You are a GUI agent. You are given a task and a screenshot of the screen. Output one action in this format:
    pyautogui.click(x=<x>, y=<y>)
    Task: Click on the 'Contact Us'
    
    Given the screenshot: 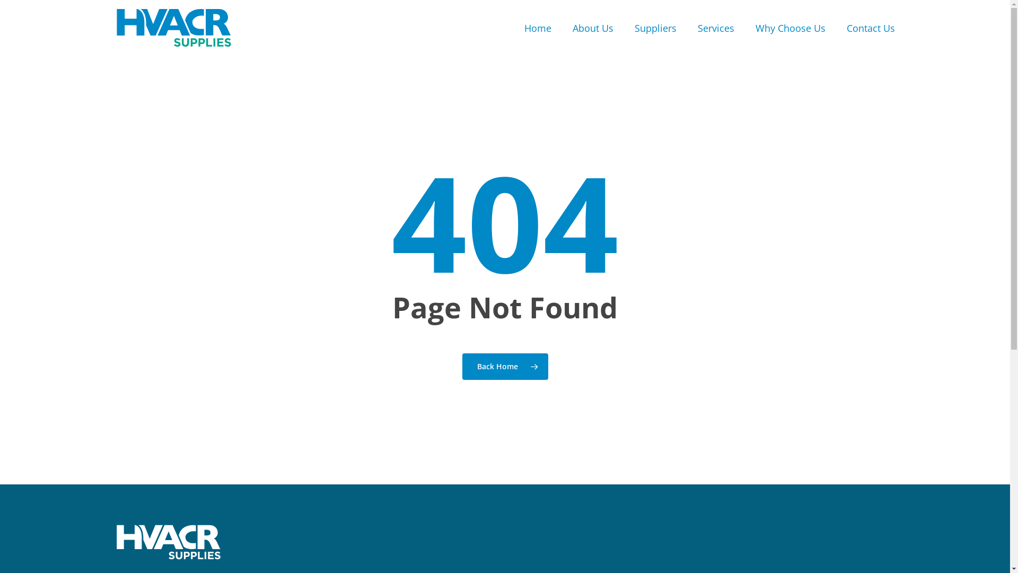 What is the action you would take?
    pyautogui.click(x=870, y=28)
    